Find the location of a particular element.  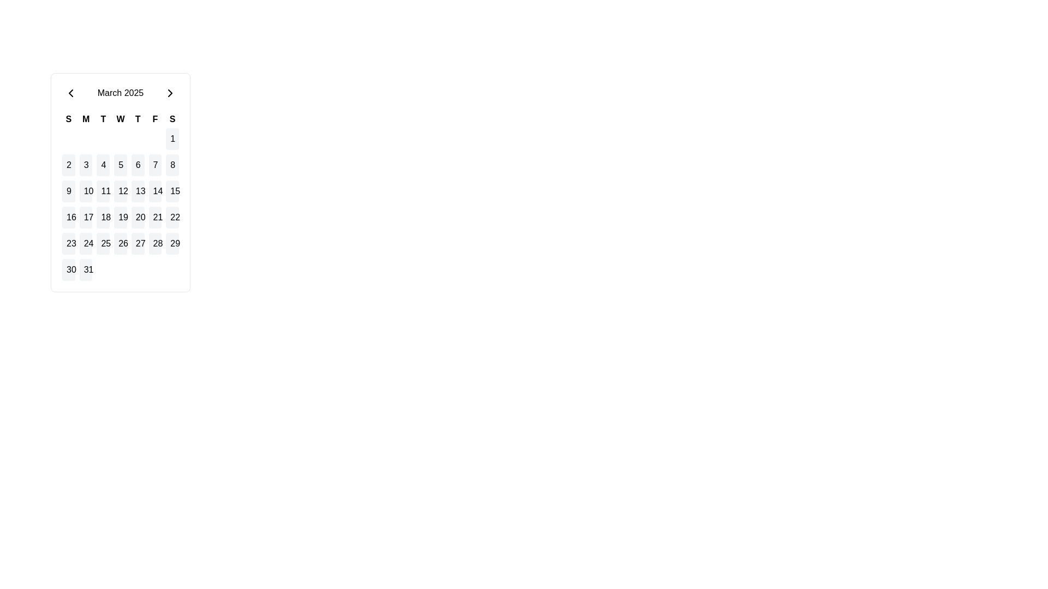

the button representing the 20th day in the March 2025 calendar is located at coordinates (137, 217).